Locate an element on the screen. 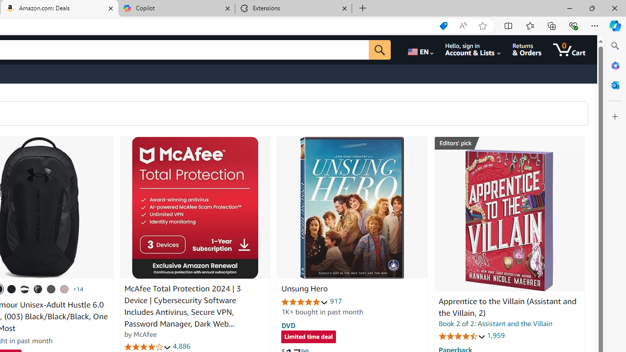 The width and height of the screenshot is (626, 352). '(001) Black / Black / Metallic Gold' is located at coordinates (12, 288).